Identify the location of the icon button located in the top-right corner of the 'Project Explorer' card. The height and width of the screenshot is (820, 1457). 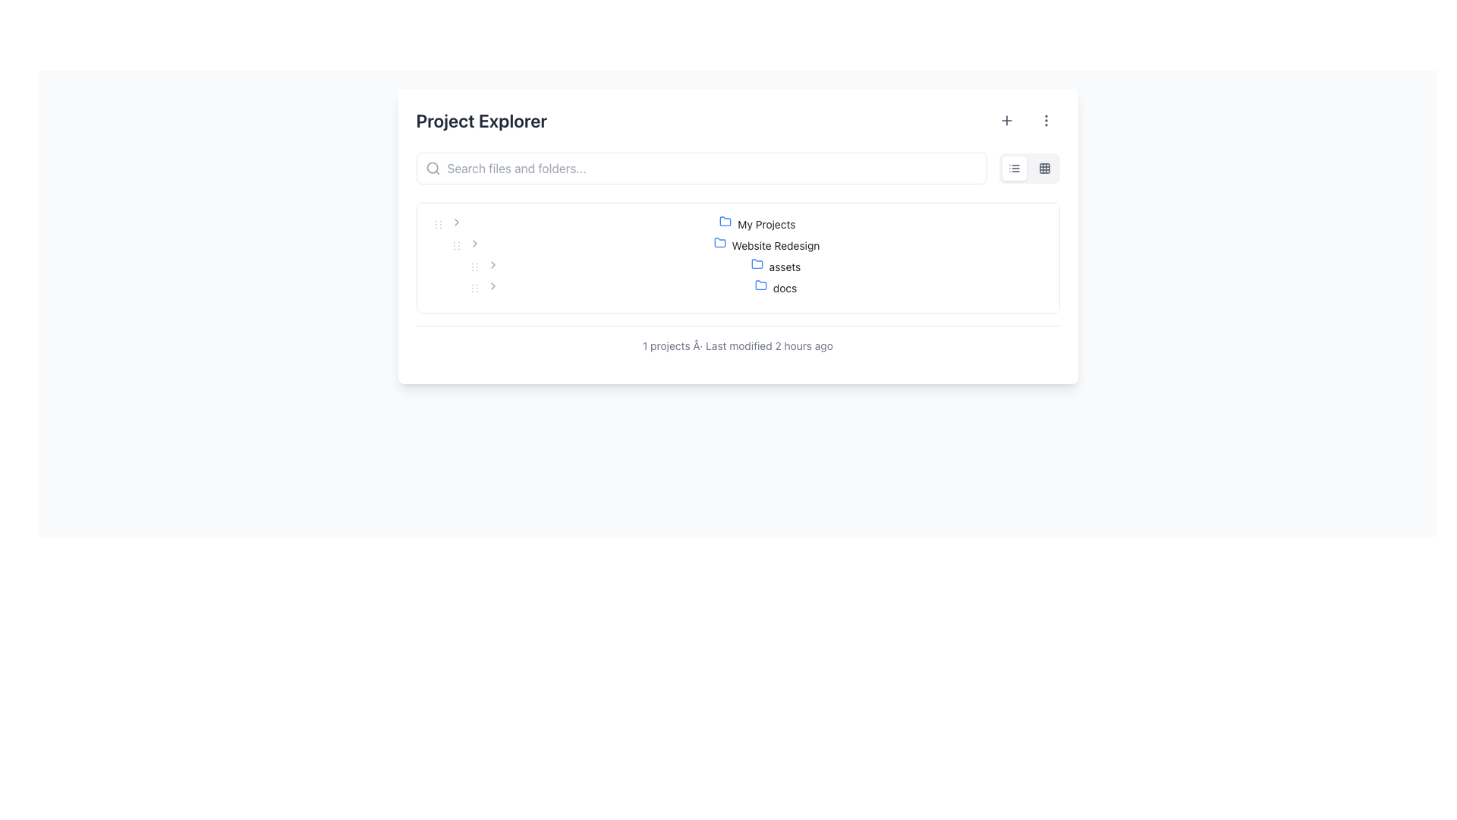
(1045, 119).